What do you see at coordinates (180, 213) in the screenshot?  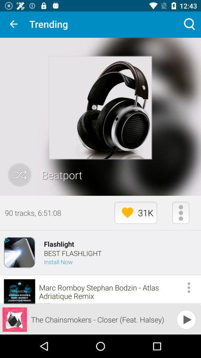 I see `the more icon` at bounding box center [180, 213].